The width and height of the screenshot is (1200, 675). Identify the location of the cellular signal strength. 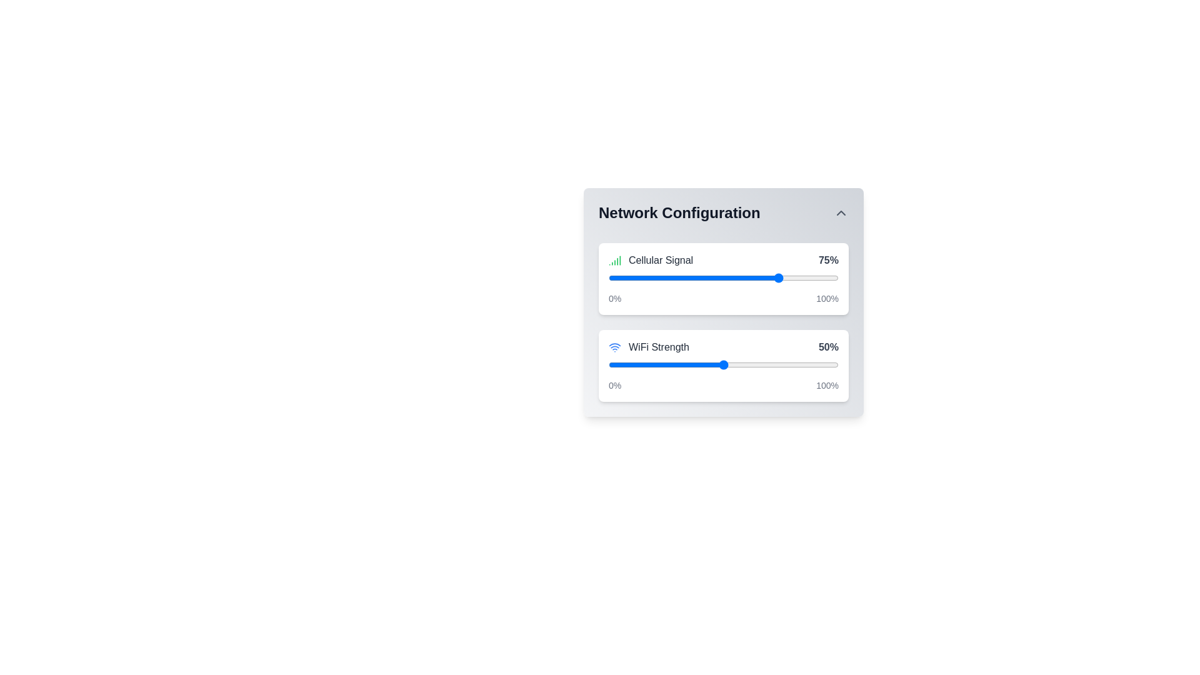
(726, 277).